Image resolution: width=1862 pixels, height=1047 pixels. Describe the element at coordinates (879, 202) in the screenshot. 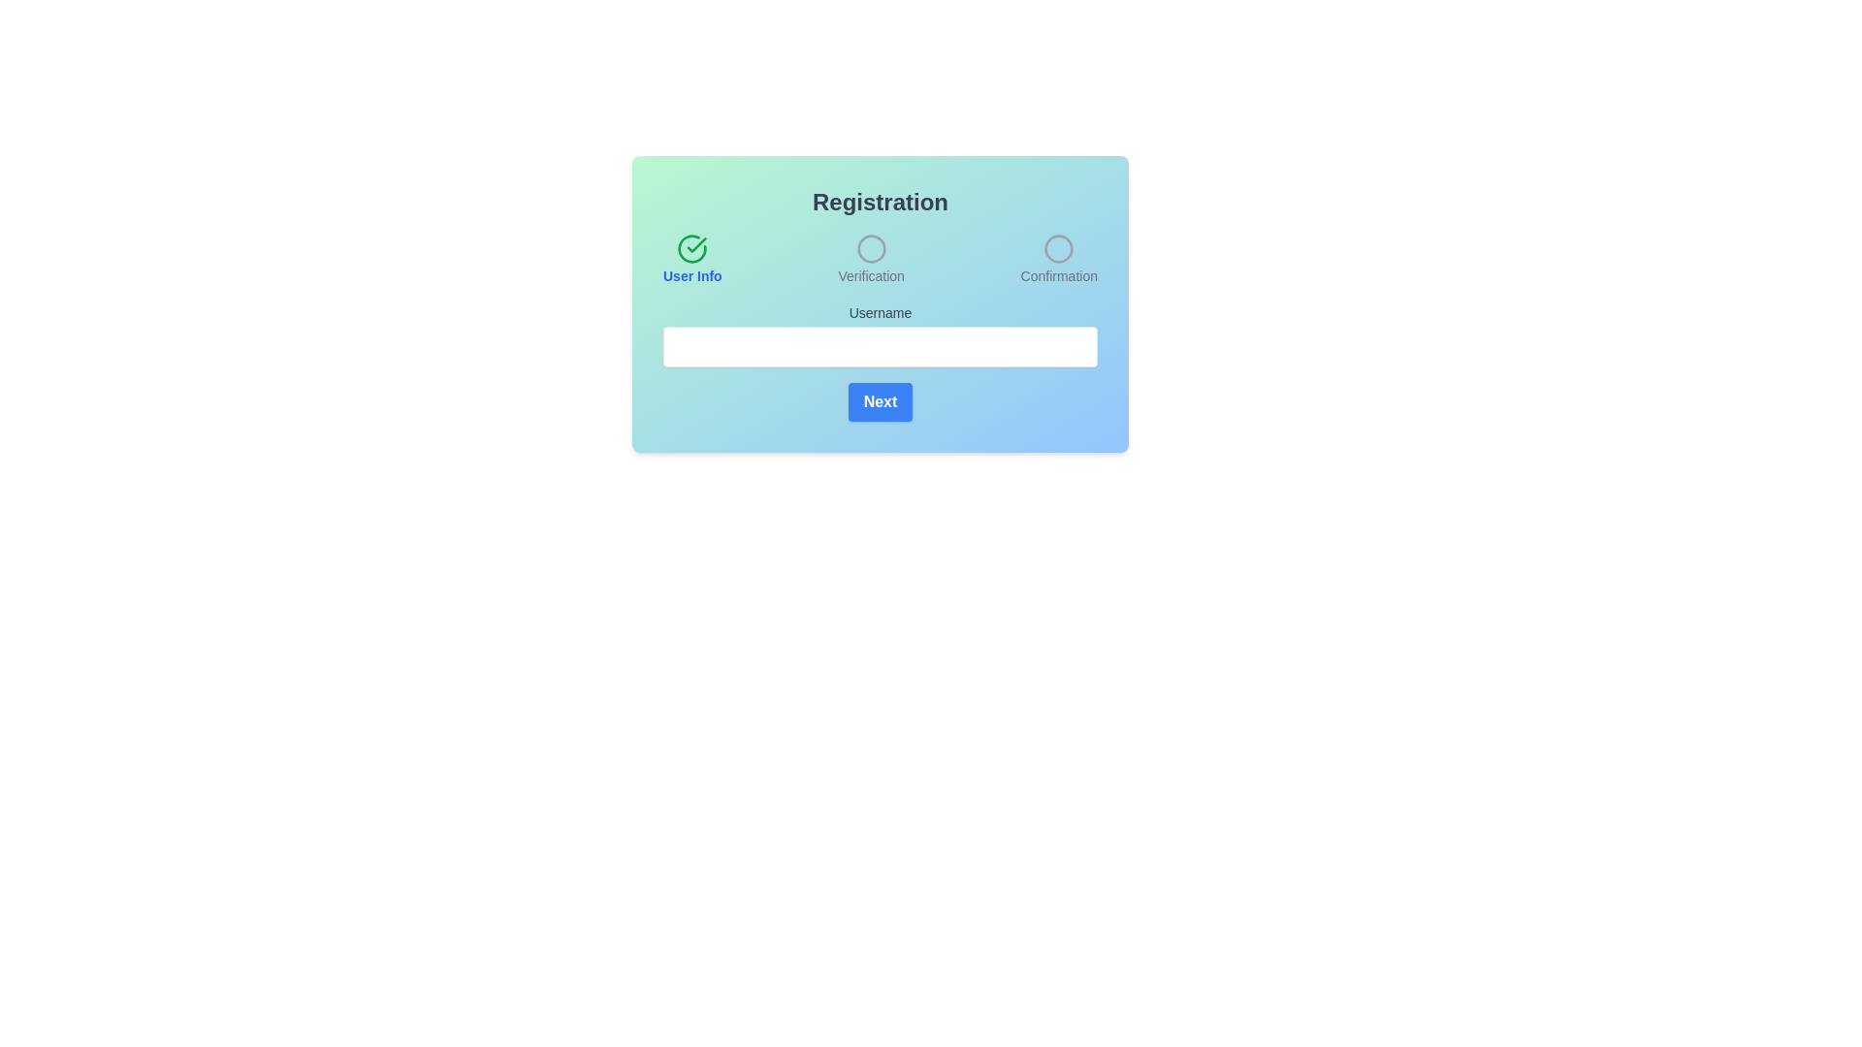

I see `the static text header indicating the context of the registration process, which is positioned above the steps 'User Info', 'Verification', and 'Confirmation'` at that location.